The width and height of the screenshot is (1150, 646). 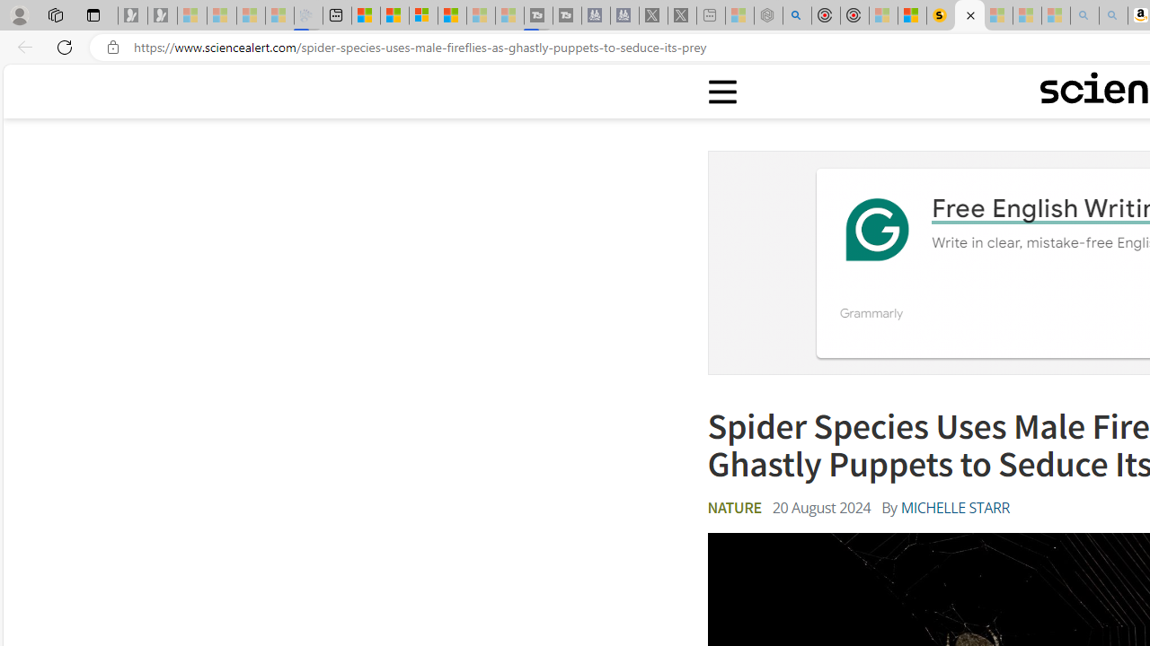 I want to click on 'Amazon Echo Dot PNG - Search Images - Sleeping', so click(x=1112, y=15).